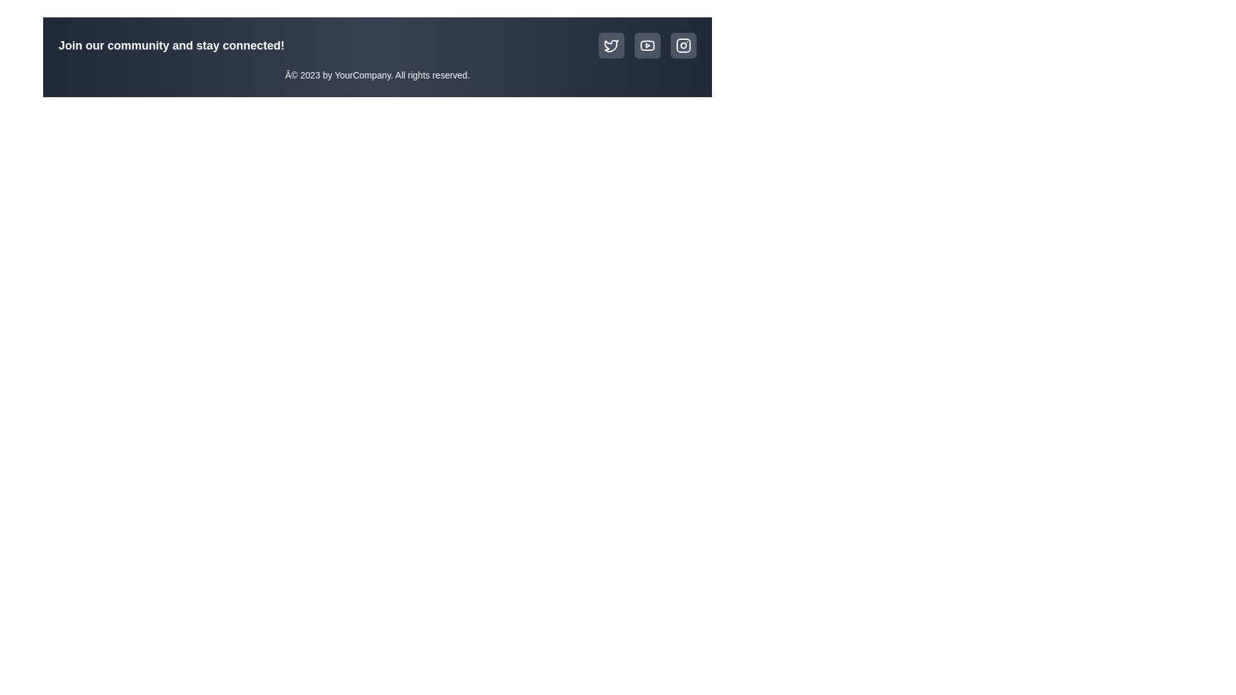  What do you see at coordinates (682, 44) in the screenshot?
I see `the third button in the row of social media links in the top-right corner to change its background color` at bounding box center [682, 44].